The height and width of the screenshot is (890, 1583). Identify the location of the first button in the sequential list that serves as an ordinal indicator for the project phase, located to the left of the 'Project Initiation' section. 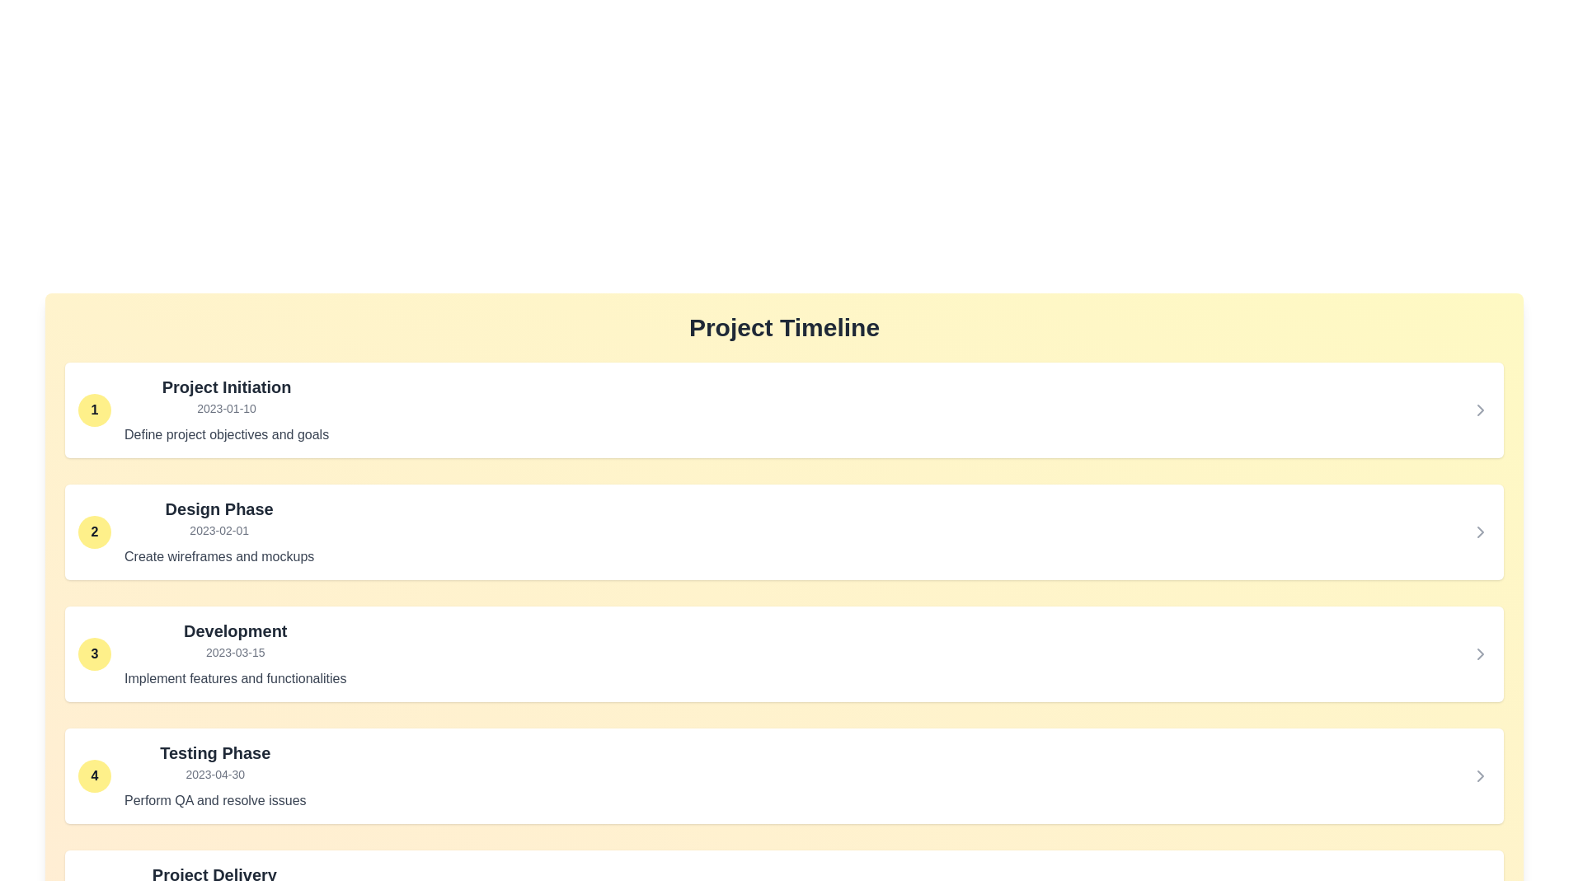
(94, 409).